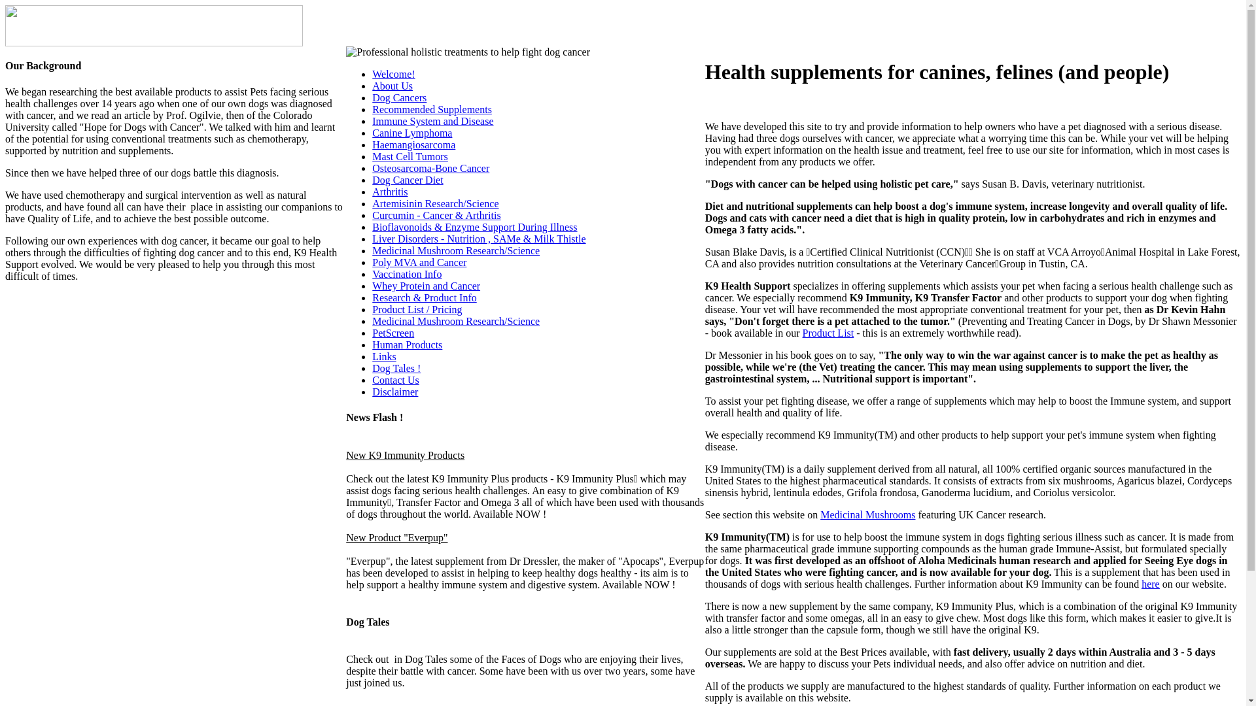  What do you see at coordinates (432, 109) in the screenshot?
I see `'Recommended Supplements'` at bounding box center [432, 109].